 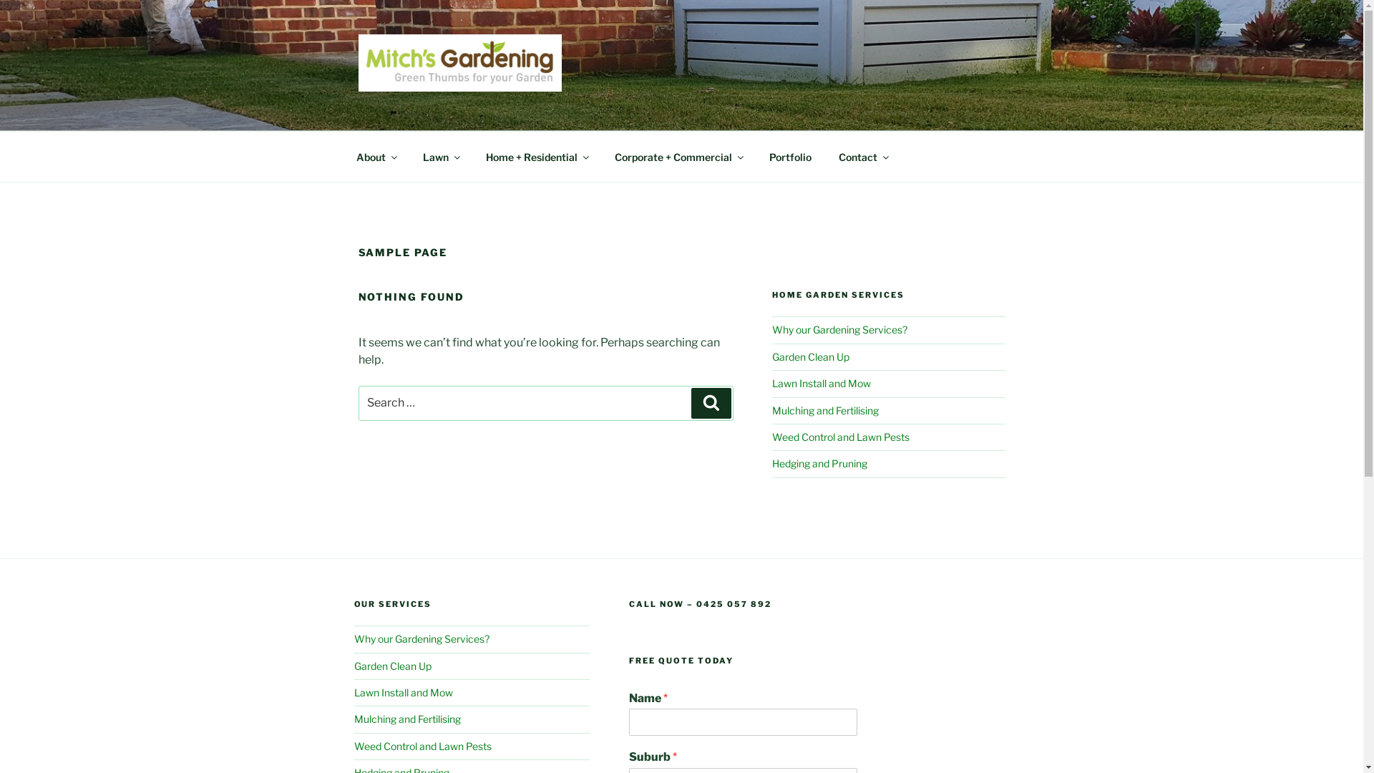 I want to click on 'Weed Control and Lawn Pests', so click(x=354, y=745).